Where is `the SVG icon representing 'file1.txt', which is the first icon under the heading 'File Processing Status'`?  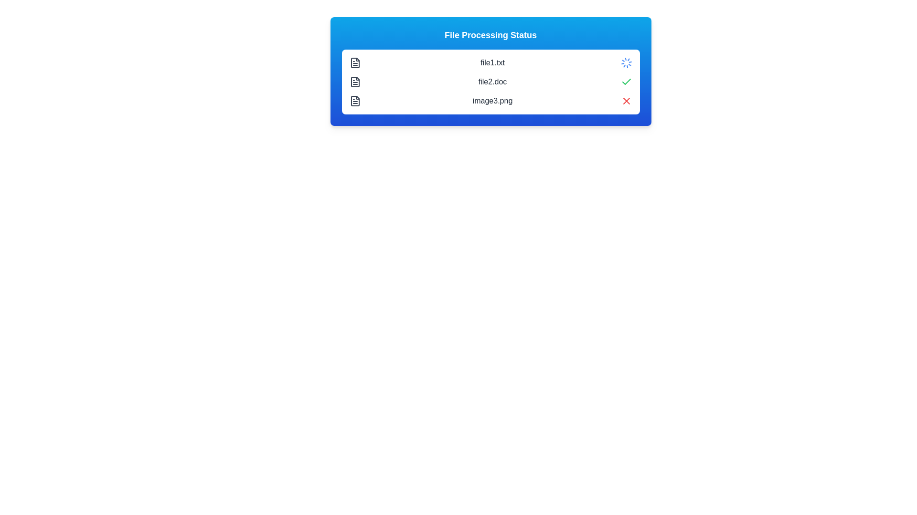
the SVG icon representing 'file1.txt', which is the first icon under the heading 'File Processing Status' is located at coordinates (354, 62).